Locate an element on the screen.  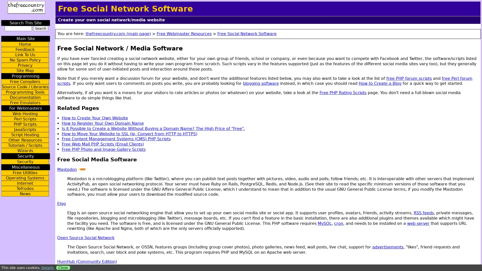
Search is located at coordinates (40, 28).